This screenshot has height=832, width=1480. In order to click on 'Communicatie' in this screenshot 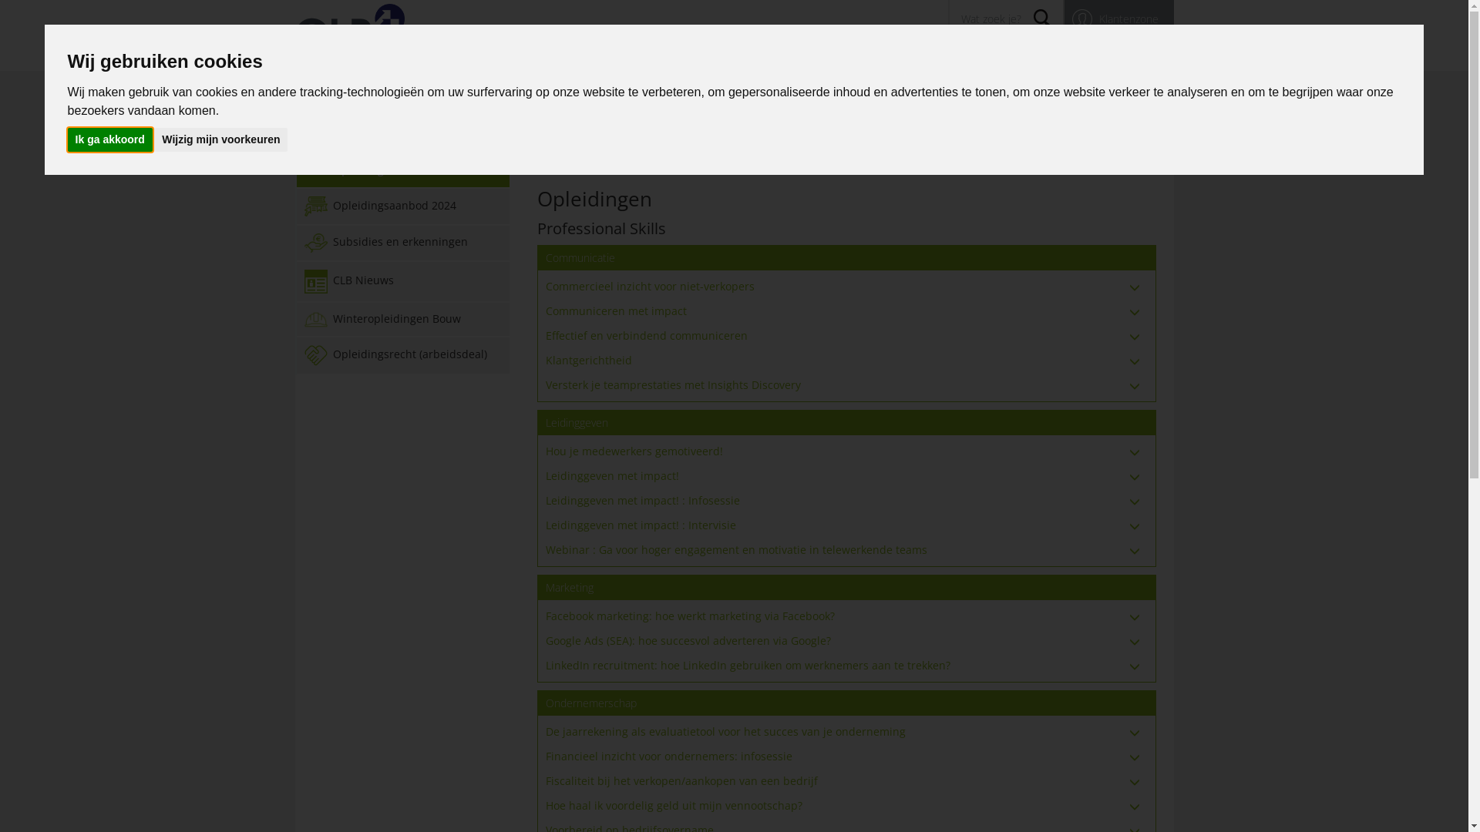, I will do `click(580, 257)`.